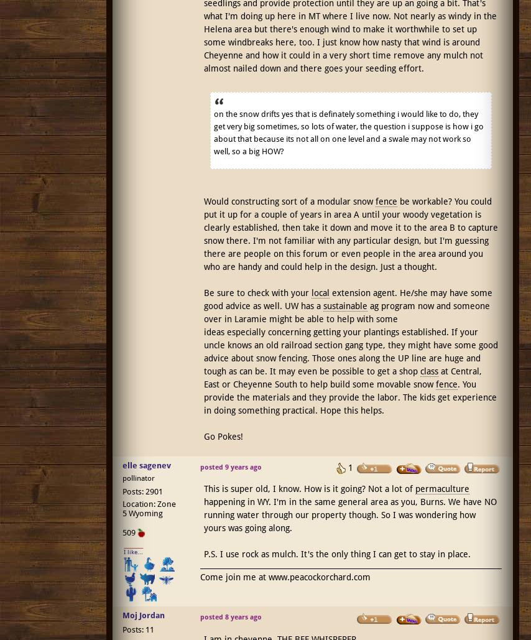 The height and width of the screenshot is (640, 531). What do you see at coordinates (142, 614) in the screenshot?
I see `'Moj Jordan'` at bounding box center [142, 614].